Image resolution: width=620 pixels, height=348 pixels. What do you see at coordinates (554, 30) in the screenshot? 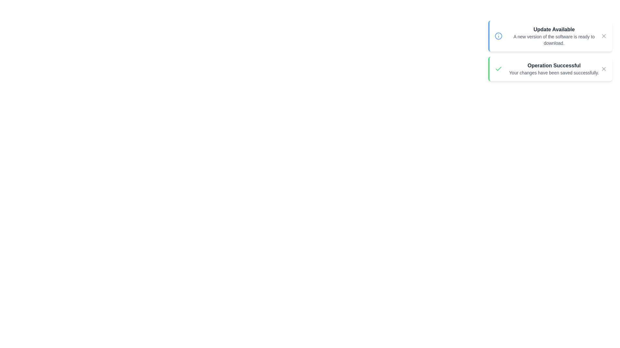
I see `text content of the bold dark gray text label displaying 'Update Available' located at the top of the notification box in the top-right section of the interface` at bounding box center [554, 30].